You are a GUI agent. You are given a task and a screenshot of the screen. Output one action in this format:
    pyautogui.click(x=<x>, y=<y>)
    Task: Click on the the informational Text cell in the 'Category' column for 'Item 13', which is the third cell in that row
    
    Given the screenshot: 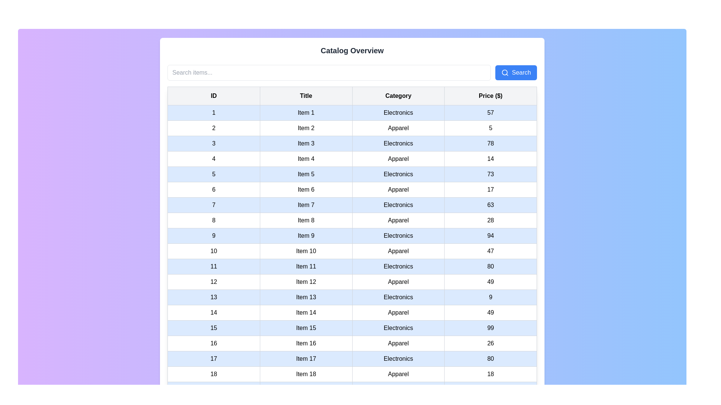 What is the action you would take?
    pyautogui.click(x=398, y=297)
    